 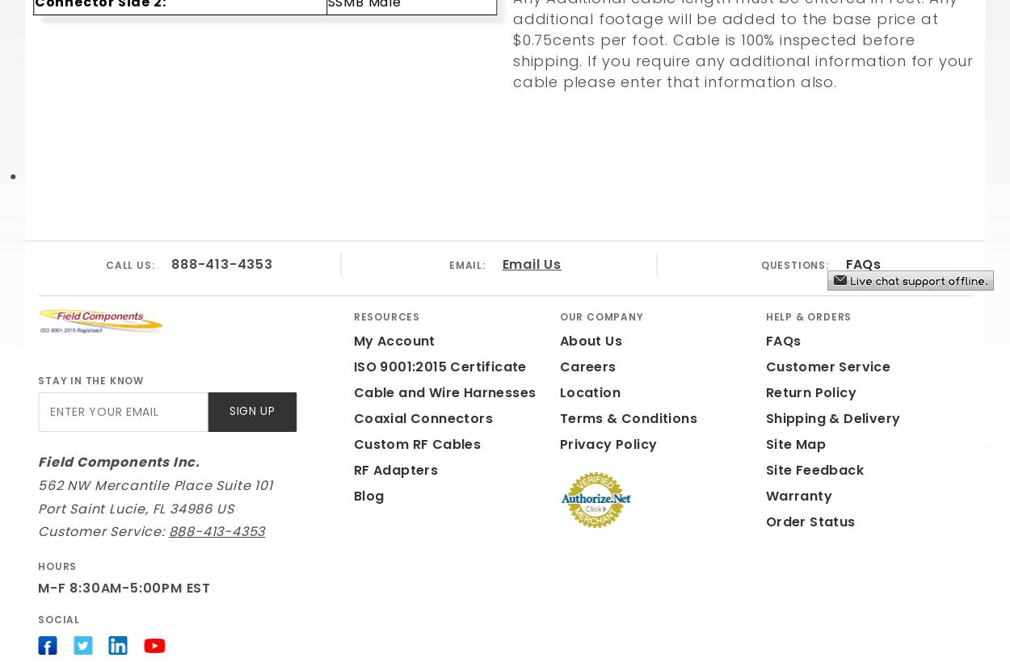 What do you see at coordinates (797, 495) in the screenshot?
I see `'Warranty'` at bounding box center [797, 495].